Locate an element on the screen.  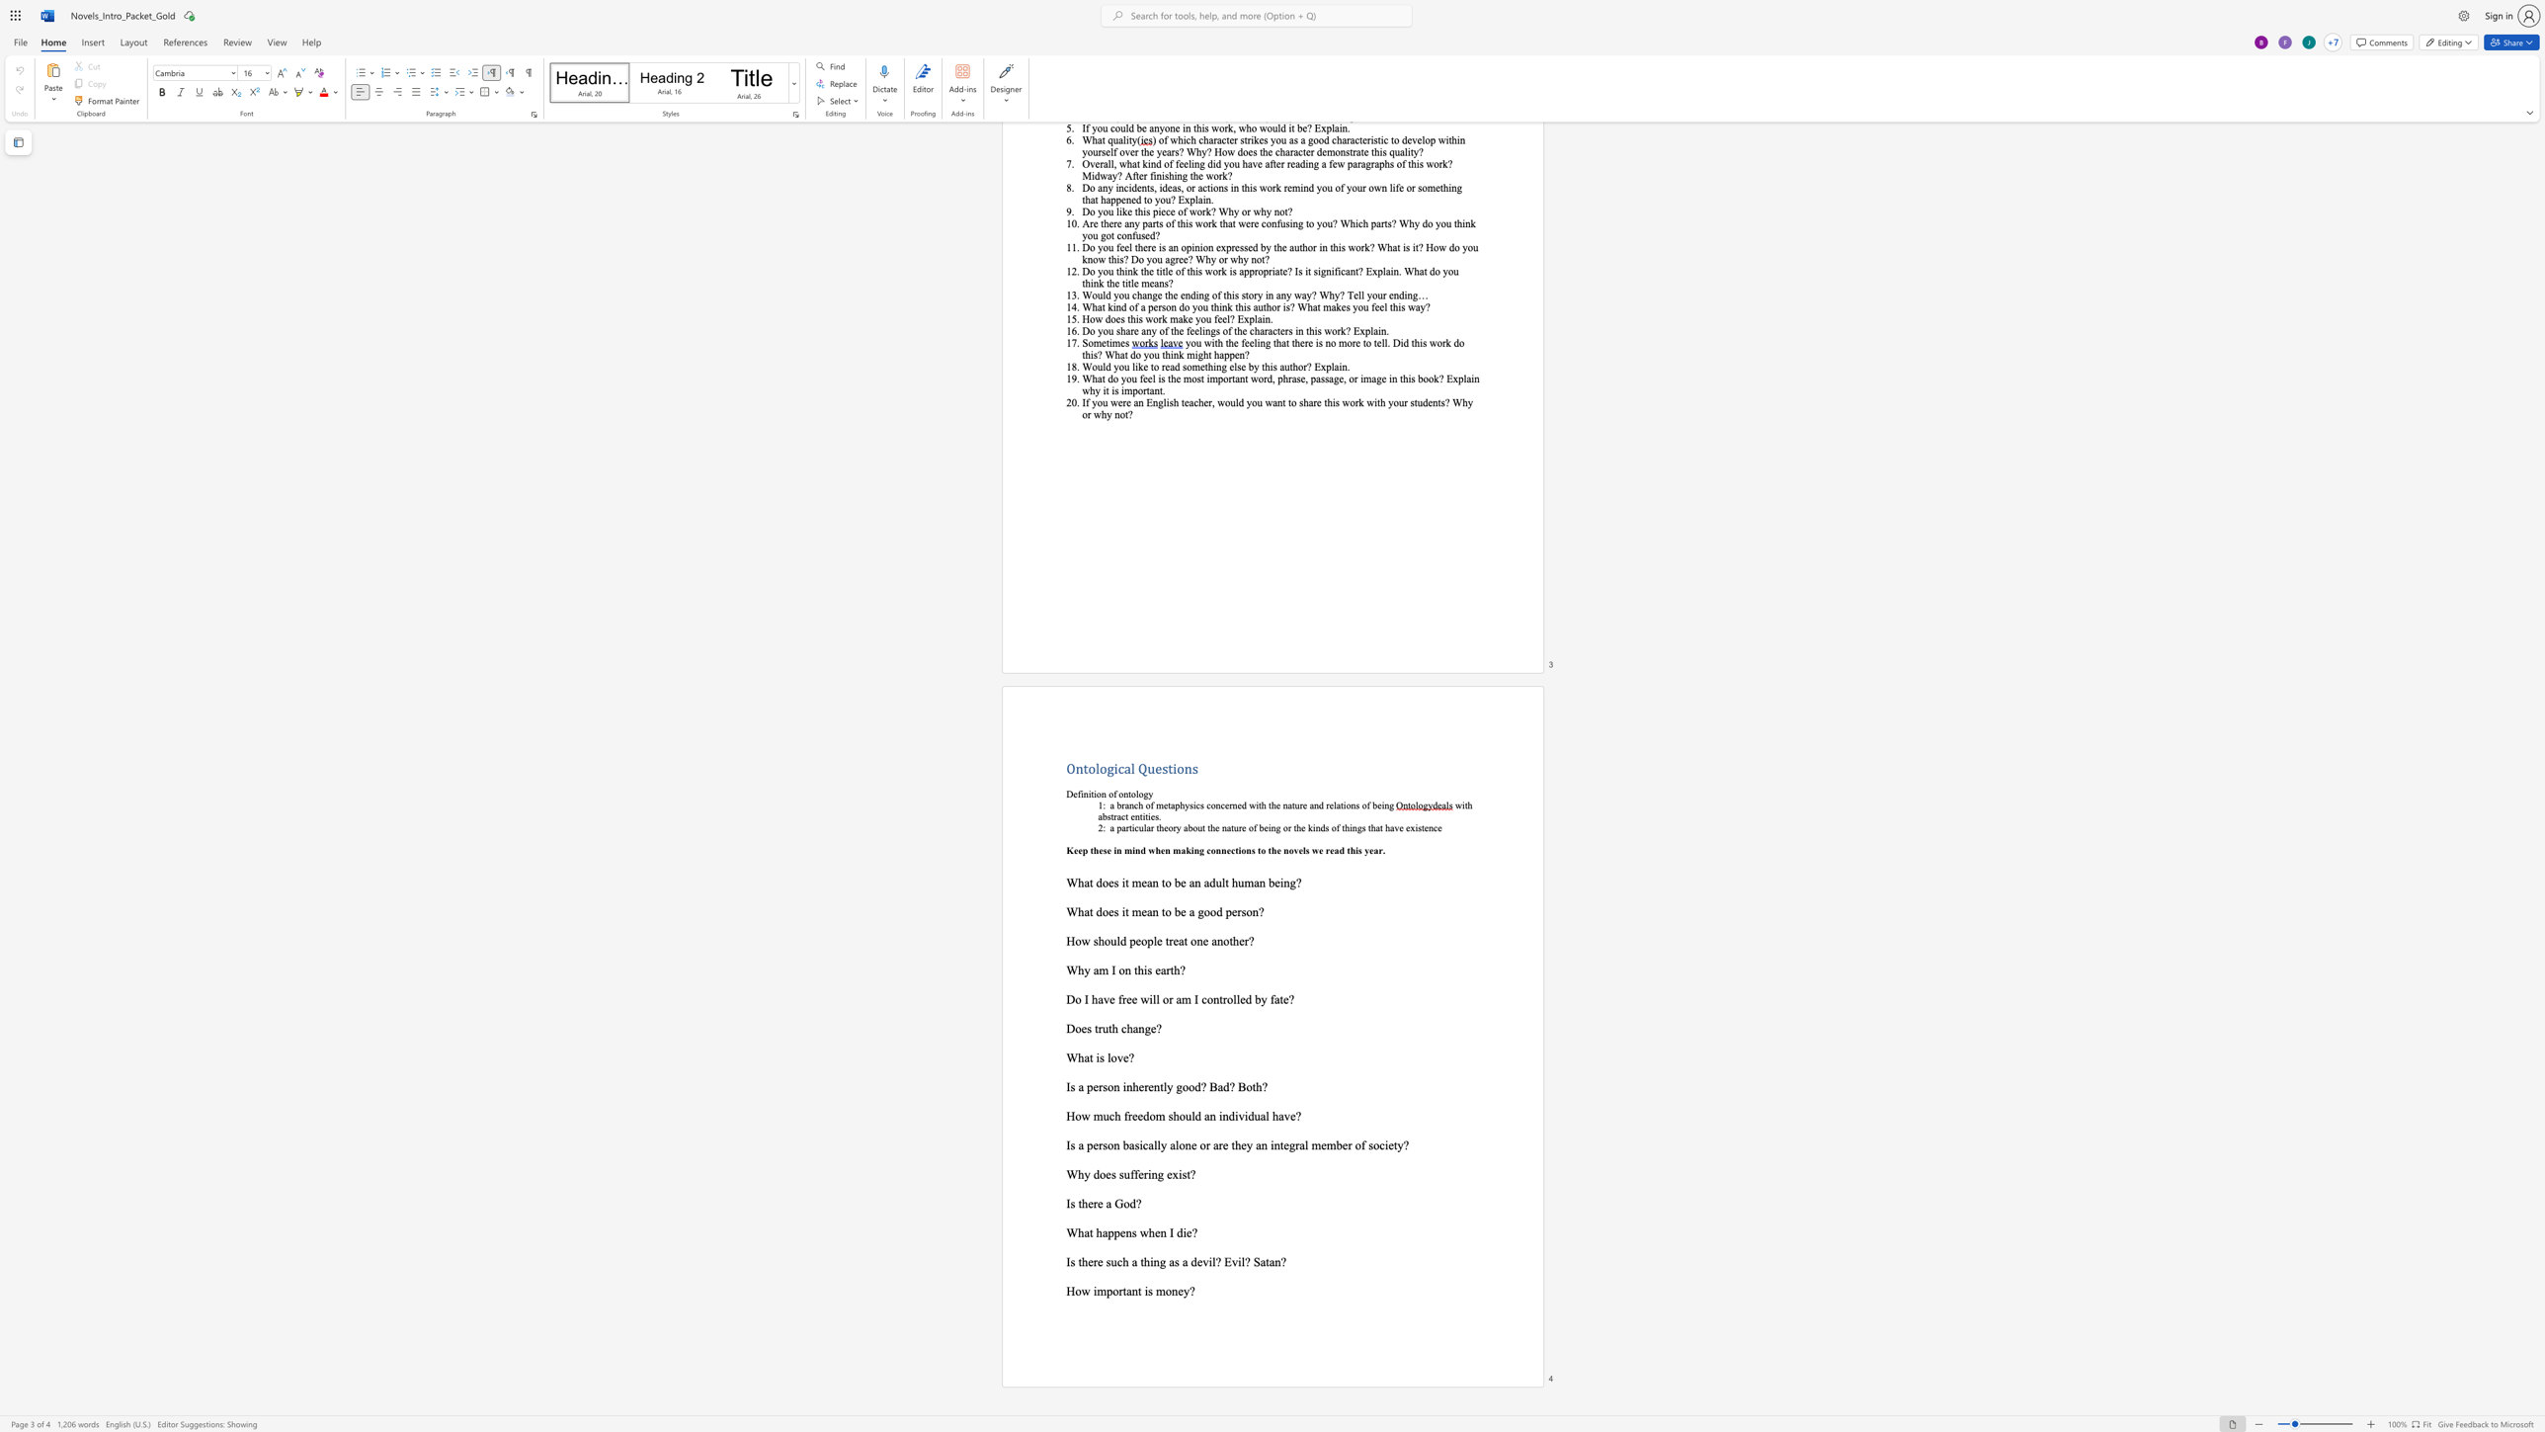
the space between the continuous character "y" and "s" in the text is located at coordinates (1189, 804).